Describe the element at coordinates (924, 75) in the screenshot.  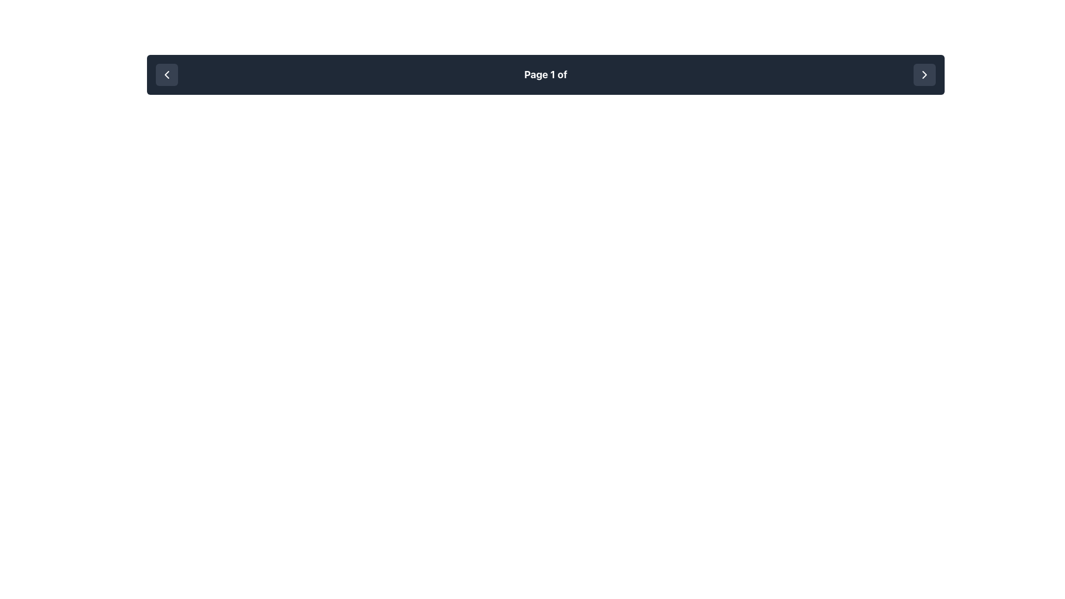
I see `the right-facing chevron icon located at the center of the rightmost button in the navigation bar` at that location.